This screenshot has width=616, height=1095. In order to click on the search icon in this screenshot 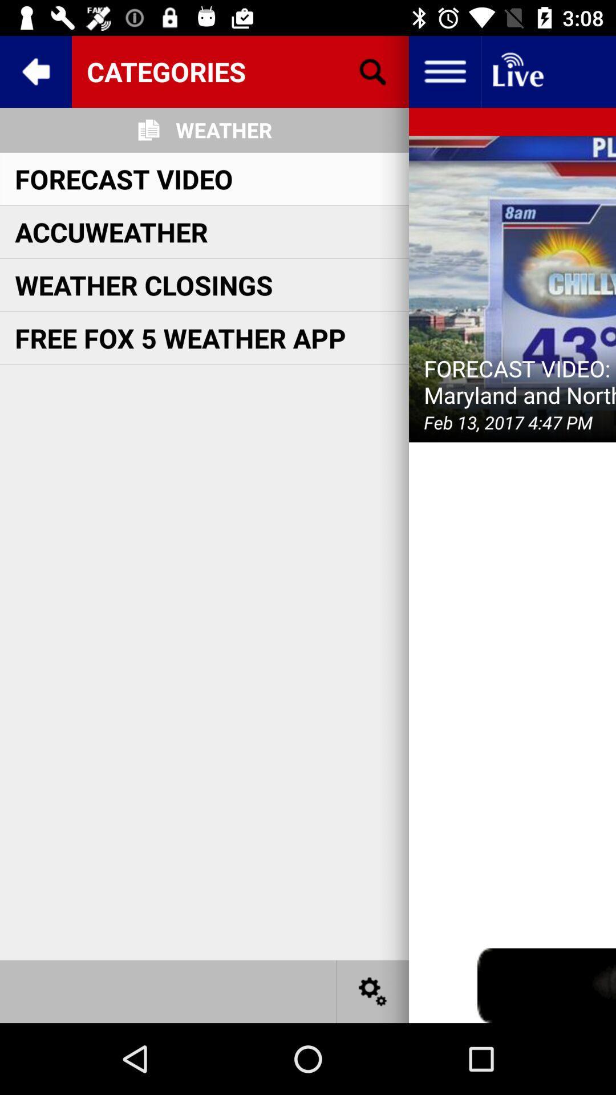, I will do `click(373, 71)`.